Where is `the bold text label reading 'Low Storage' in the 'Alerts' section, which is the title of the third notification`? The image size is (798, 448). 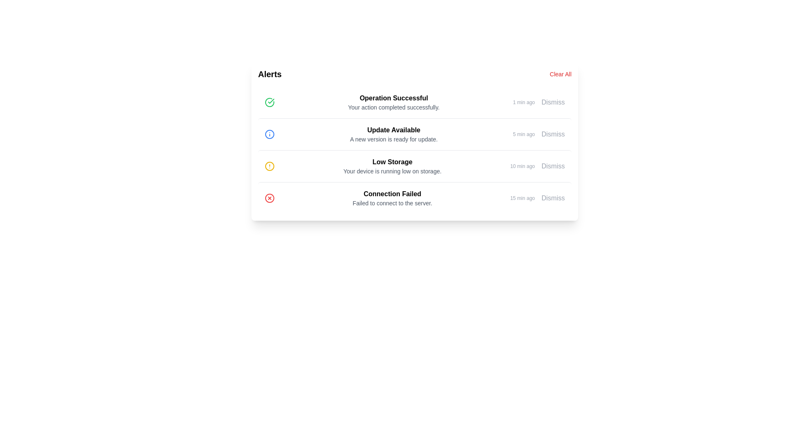 the bold text label reading 'Low Storage' in the 'Alerts' section, which is the title of the third notification is located at coordinates (392, 162).